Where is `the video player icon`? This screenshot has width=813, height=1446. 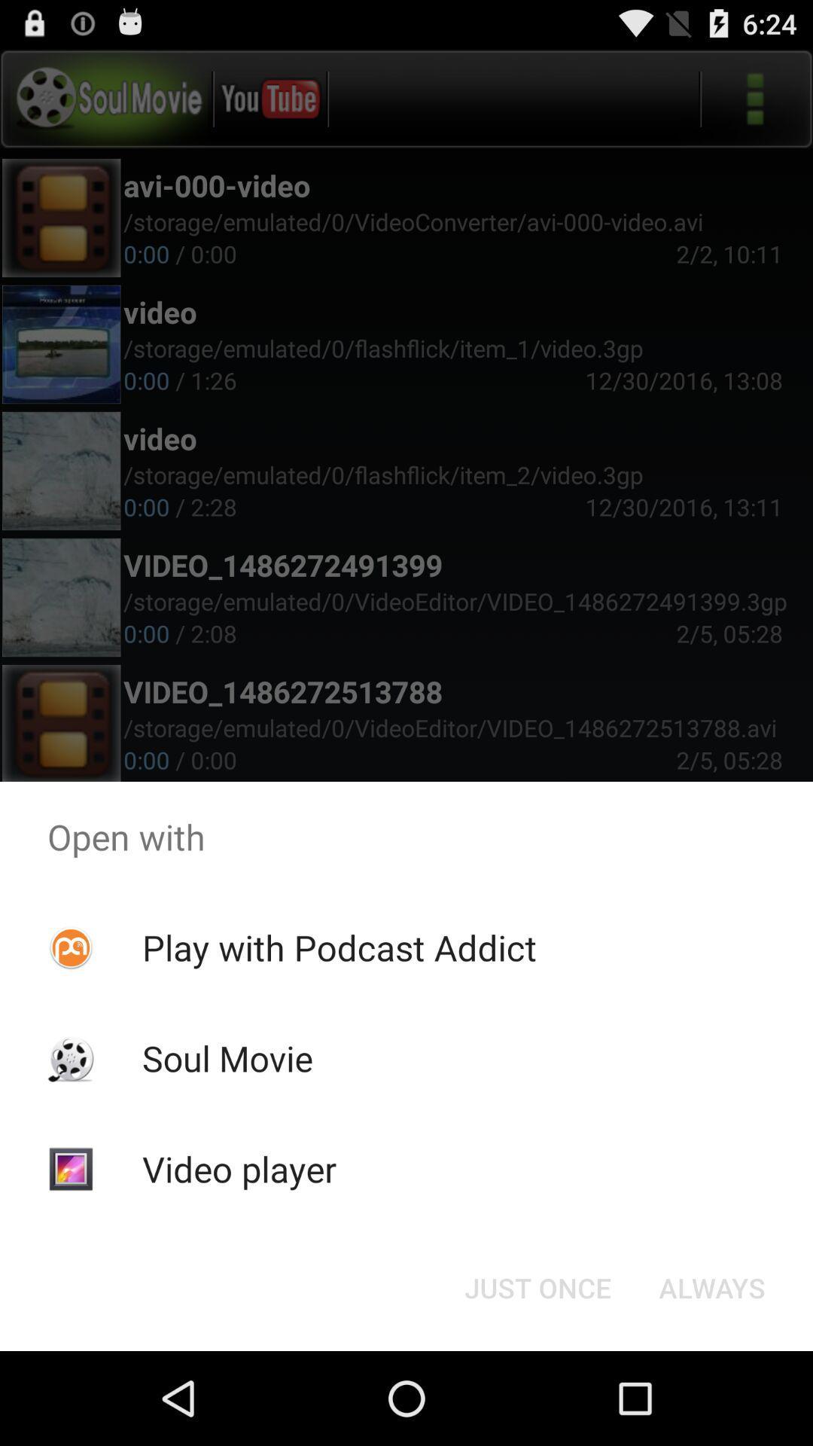 the video player icon is located at coordinates (238, 1168).